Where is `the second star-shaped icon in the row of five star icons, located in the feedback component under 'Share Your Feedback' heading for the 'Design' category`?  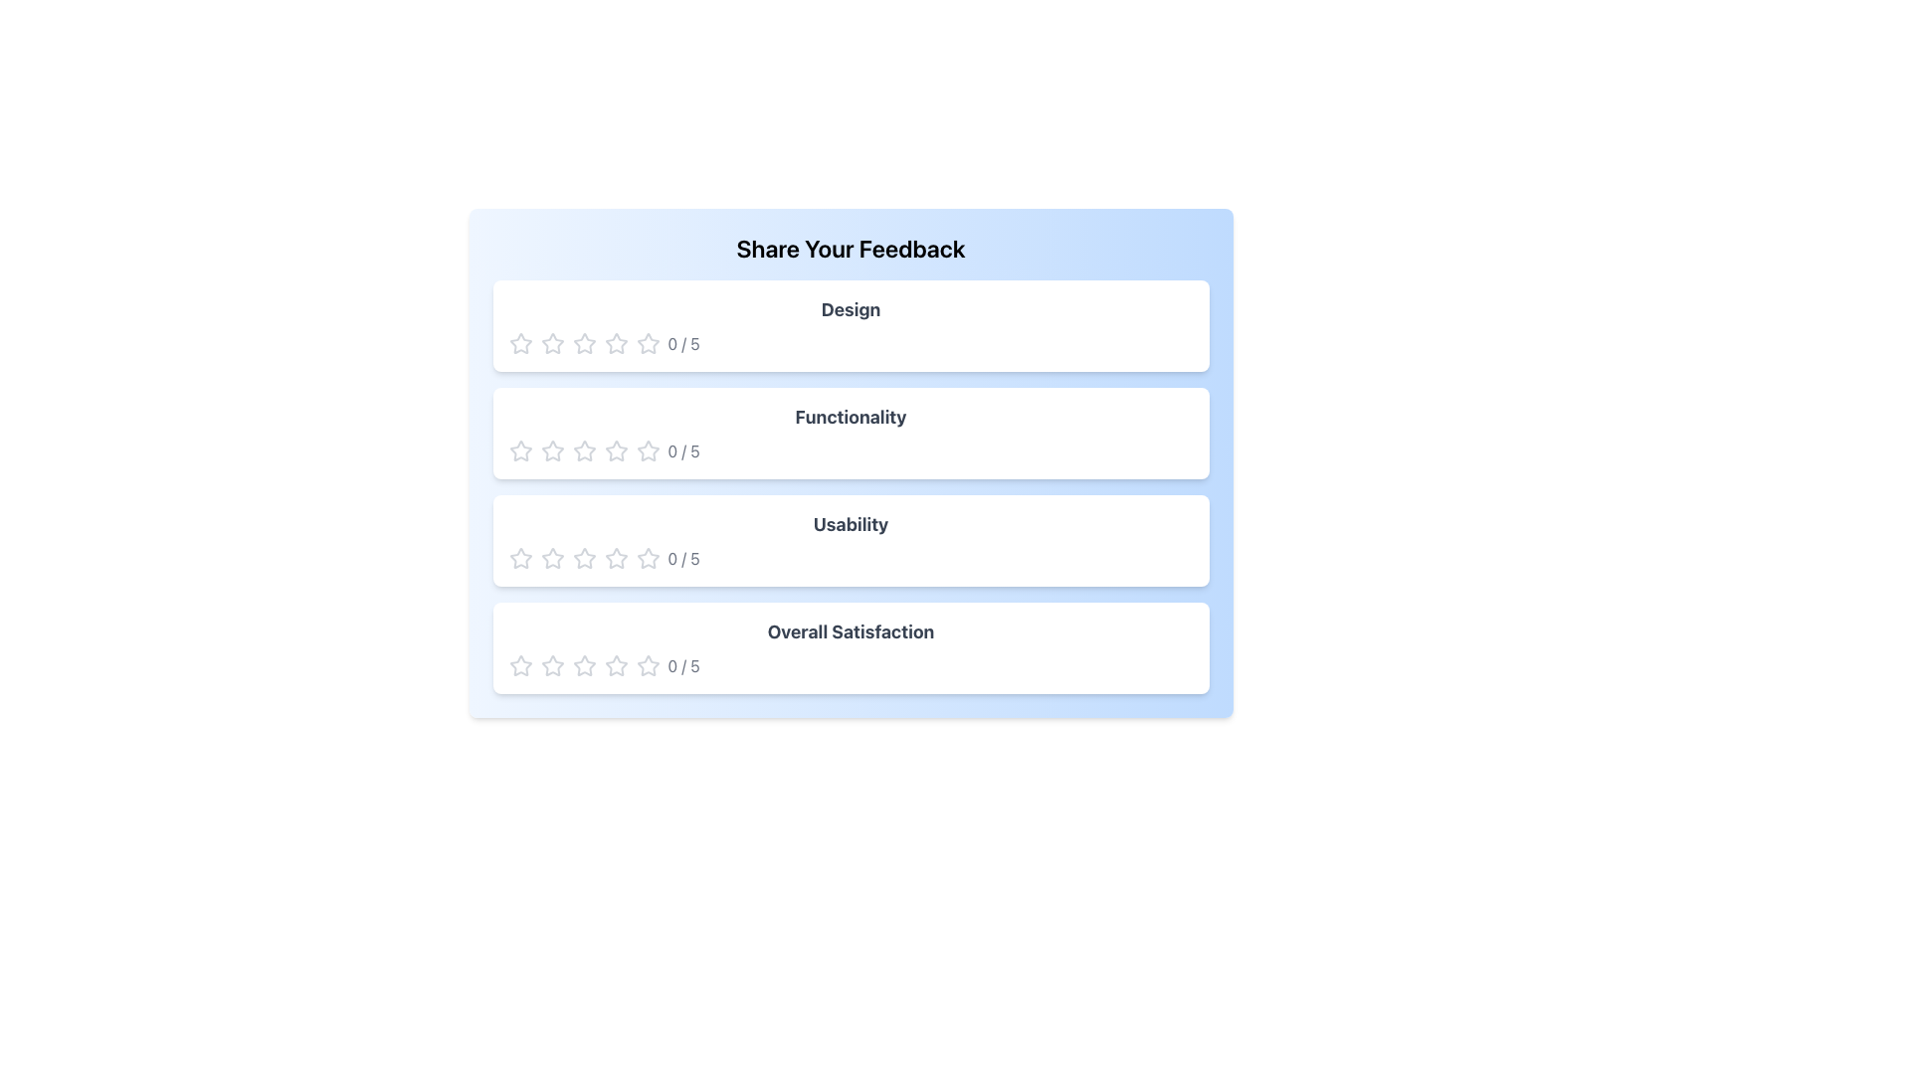 the second star-shaped icon in the row of five star icons, located in the feedback component under 'Share Your Feedback' heading for the 'Design' category is located at coordinates (552, 343).